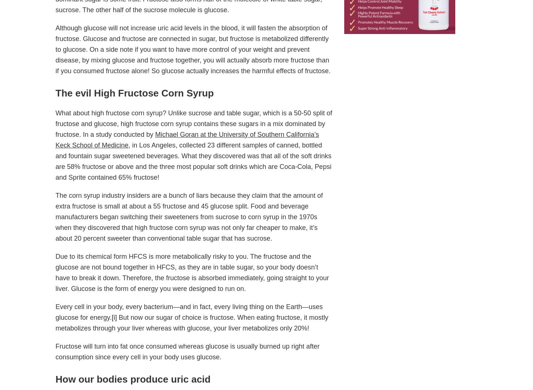 The width and height of the screenshot is (533, 390). I want to click on 'But now our sugar of choice is fructose. When eating fructose, it mostly metabolizes through your liver whereas with glucose, your liver metabolizes only 20%!', so click(55, 323).